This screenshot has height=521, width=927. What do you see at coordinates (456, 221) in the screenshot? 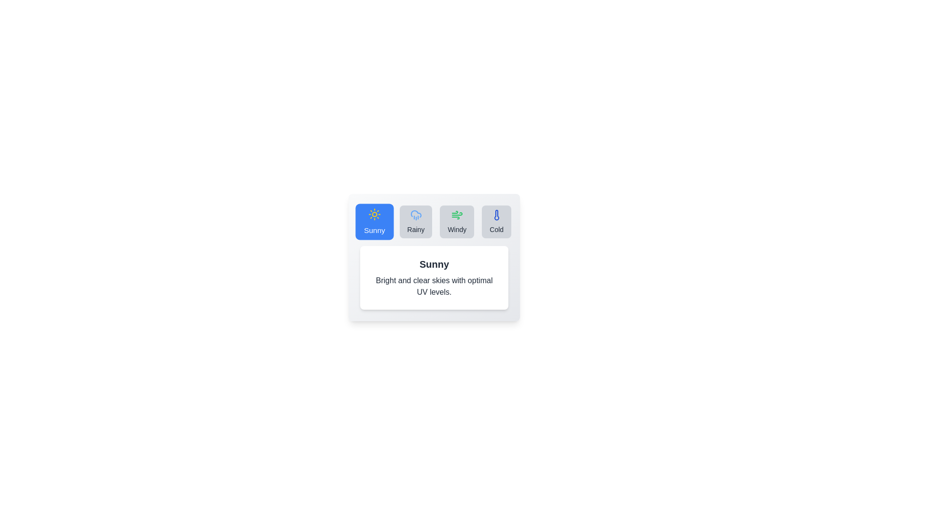
I see `the Windy tab to view its content` at bounding box center [456, 221].